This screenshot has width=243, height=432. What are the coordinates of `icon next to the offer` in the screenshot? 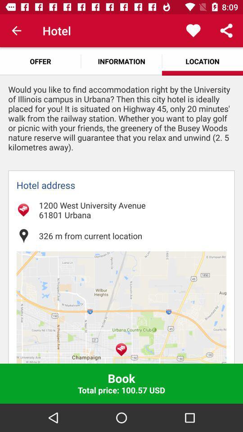 It's located at (121, 61).